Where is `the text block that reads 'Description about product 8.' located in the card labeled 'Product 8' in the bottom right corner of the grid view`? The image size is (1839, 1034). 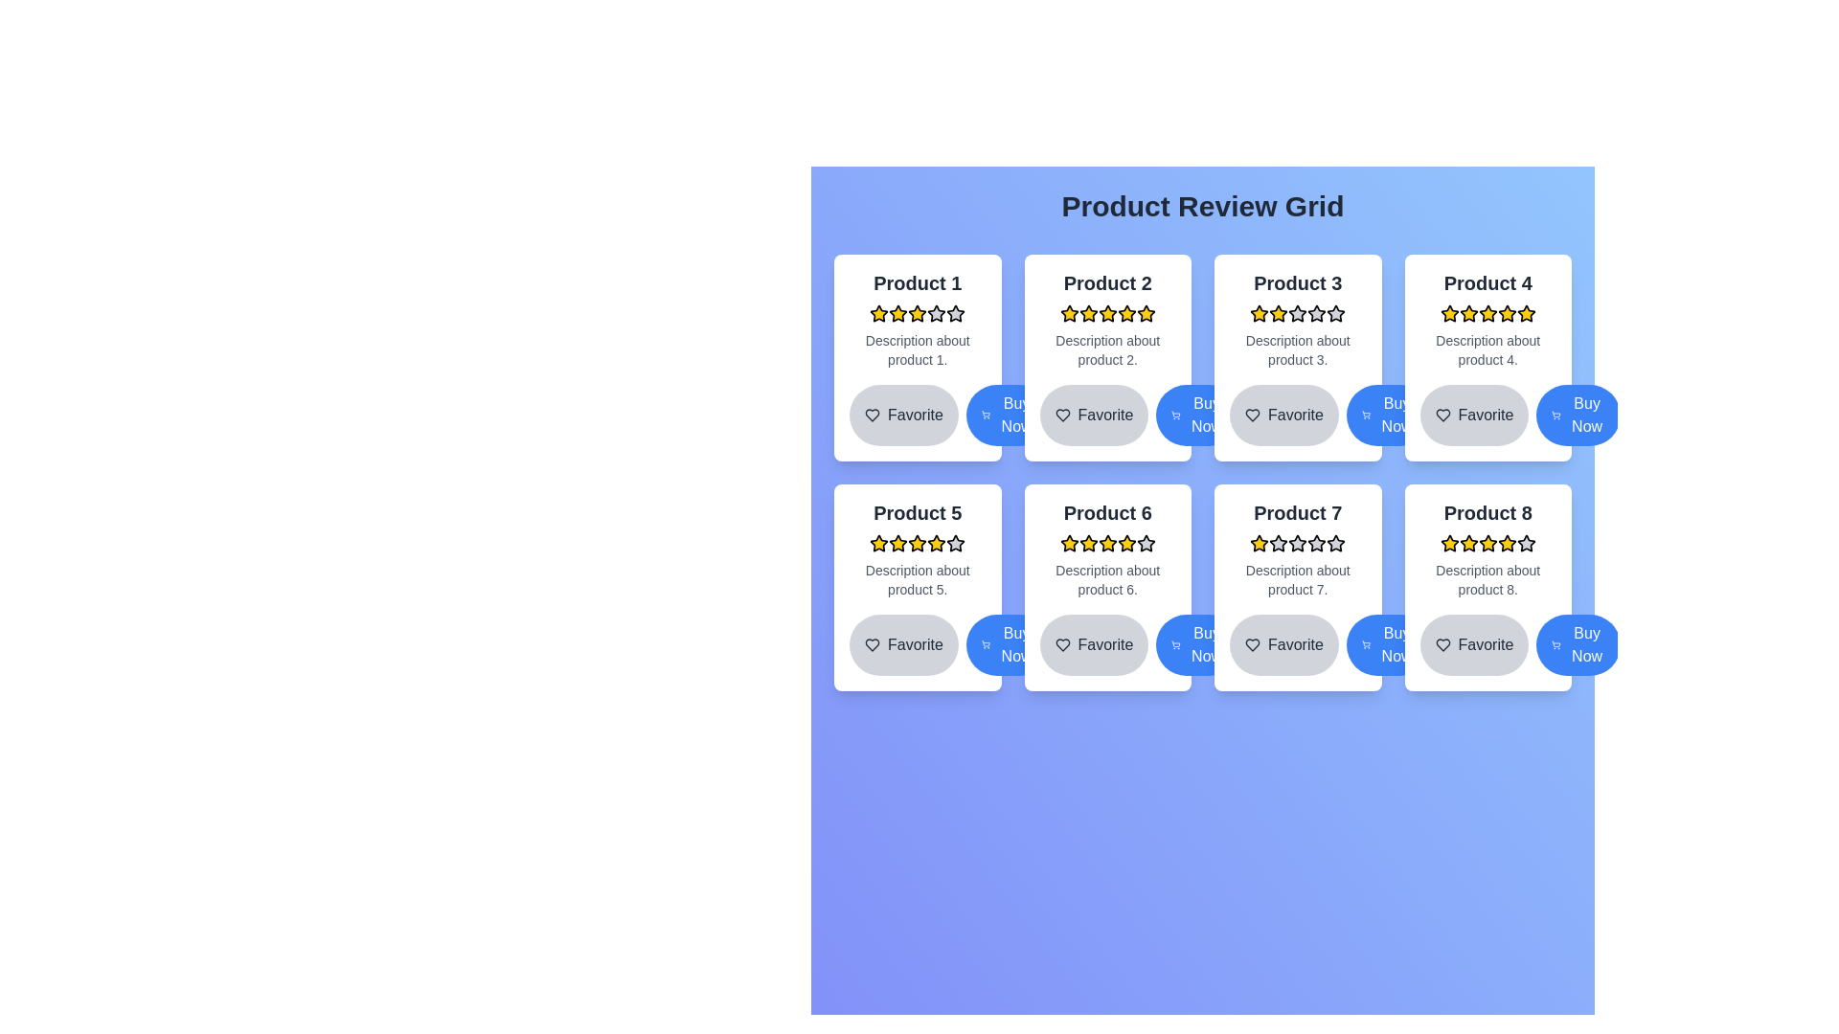 the text block that reads 'Description about product 8.' located in the card labeled 'Product 8' in the bottom right corner of the grid view is located at coordinates (1487, 578).